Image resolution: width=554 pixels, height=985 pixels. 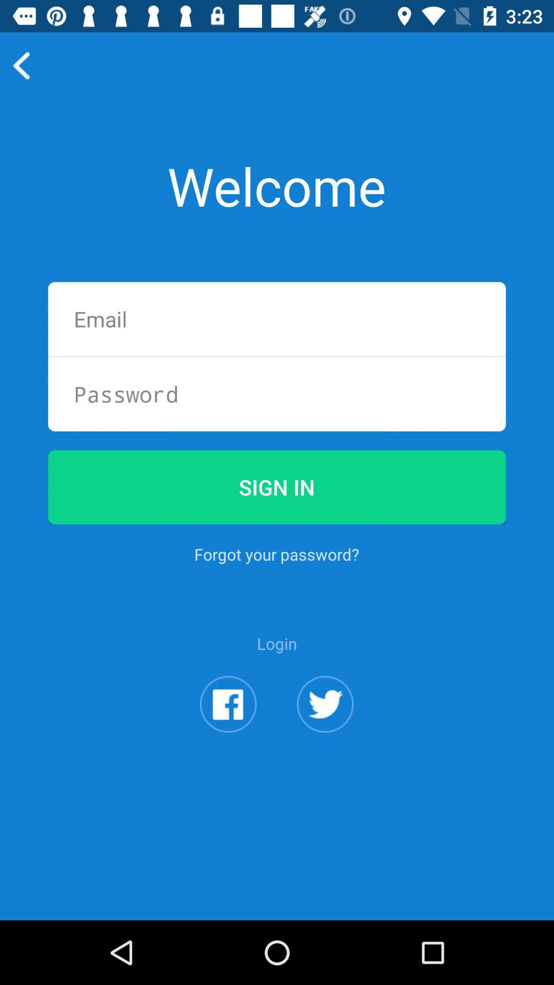 What do you see at coordinates (276, 554) in the screenshot?
I see `button below the sign in item` at bounding box center [276, 554].